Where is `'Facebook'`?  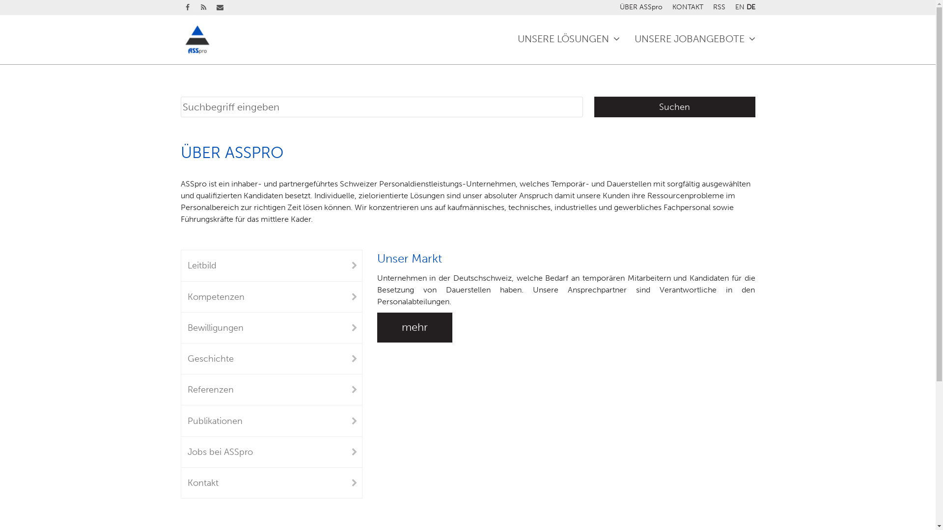
'Facebook' is located at coordinates (181, 7).